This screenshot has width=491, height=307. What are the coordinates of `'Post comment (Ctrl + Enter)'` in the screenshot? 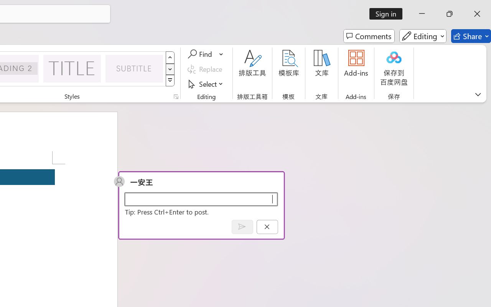 It's located at (242, 226).